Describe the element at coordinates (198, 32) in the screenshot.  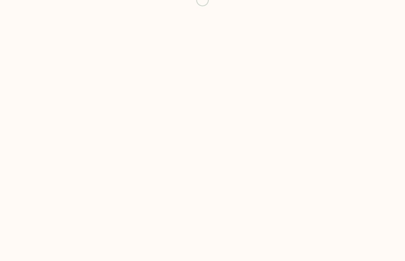
I see `'8am to 8pm'` at that location.